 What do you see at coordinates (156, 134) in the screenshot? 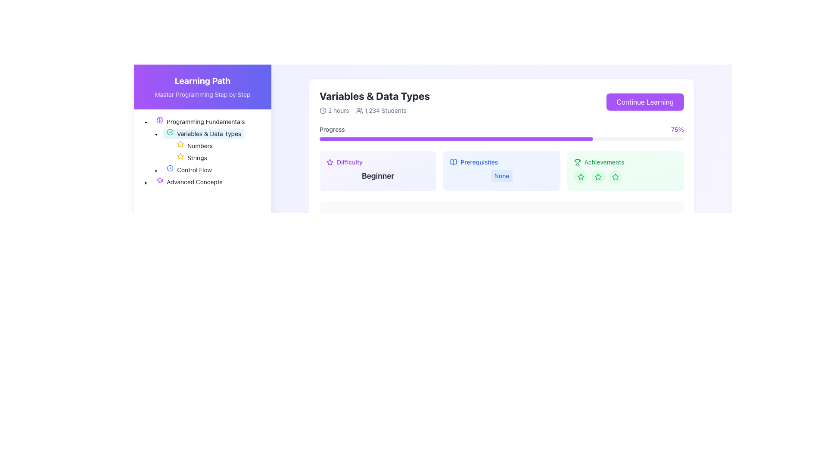
I see `the button to the left of 'Variables & Data Types' in the 'Programming Fundamentals' section` at bounding box center [156, 134].